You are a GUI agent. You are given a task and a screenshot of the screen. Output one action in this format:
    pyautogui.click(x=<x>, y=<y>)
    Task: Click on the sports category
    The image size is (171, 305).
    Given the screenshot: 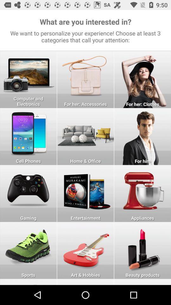 What is the action you would take?
    pyautogui.click(x=28, y=250)
    